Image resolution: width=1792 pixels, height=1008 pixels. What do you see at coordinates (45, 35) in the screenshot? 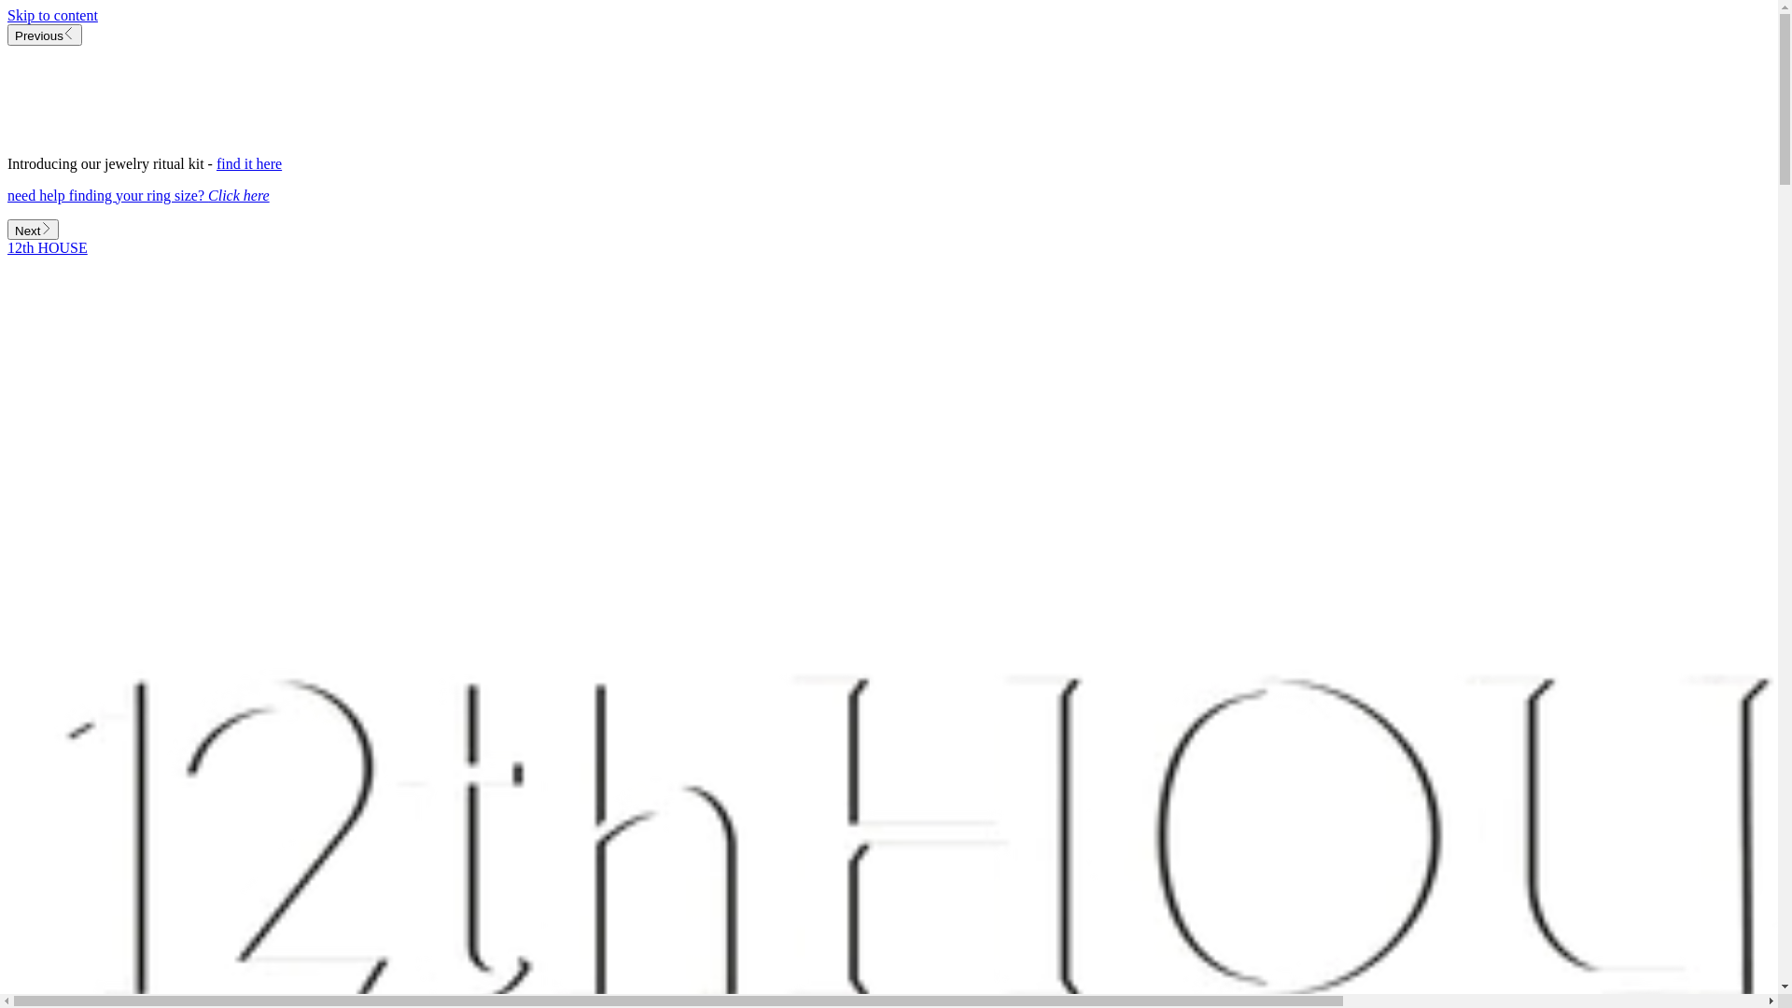
I see `'Previous'` at bounding box center [45, 35].